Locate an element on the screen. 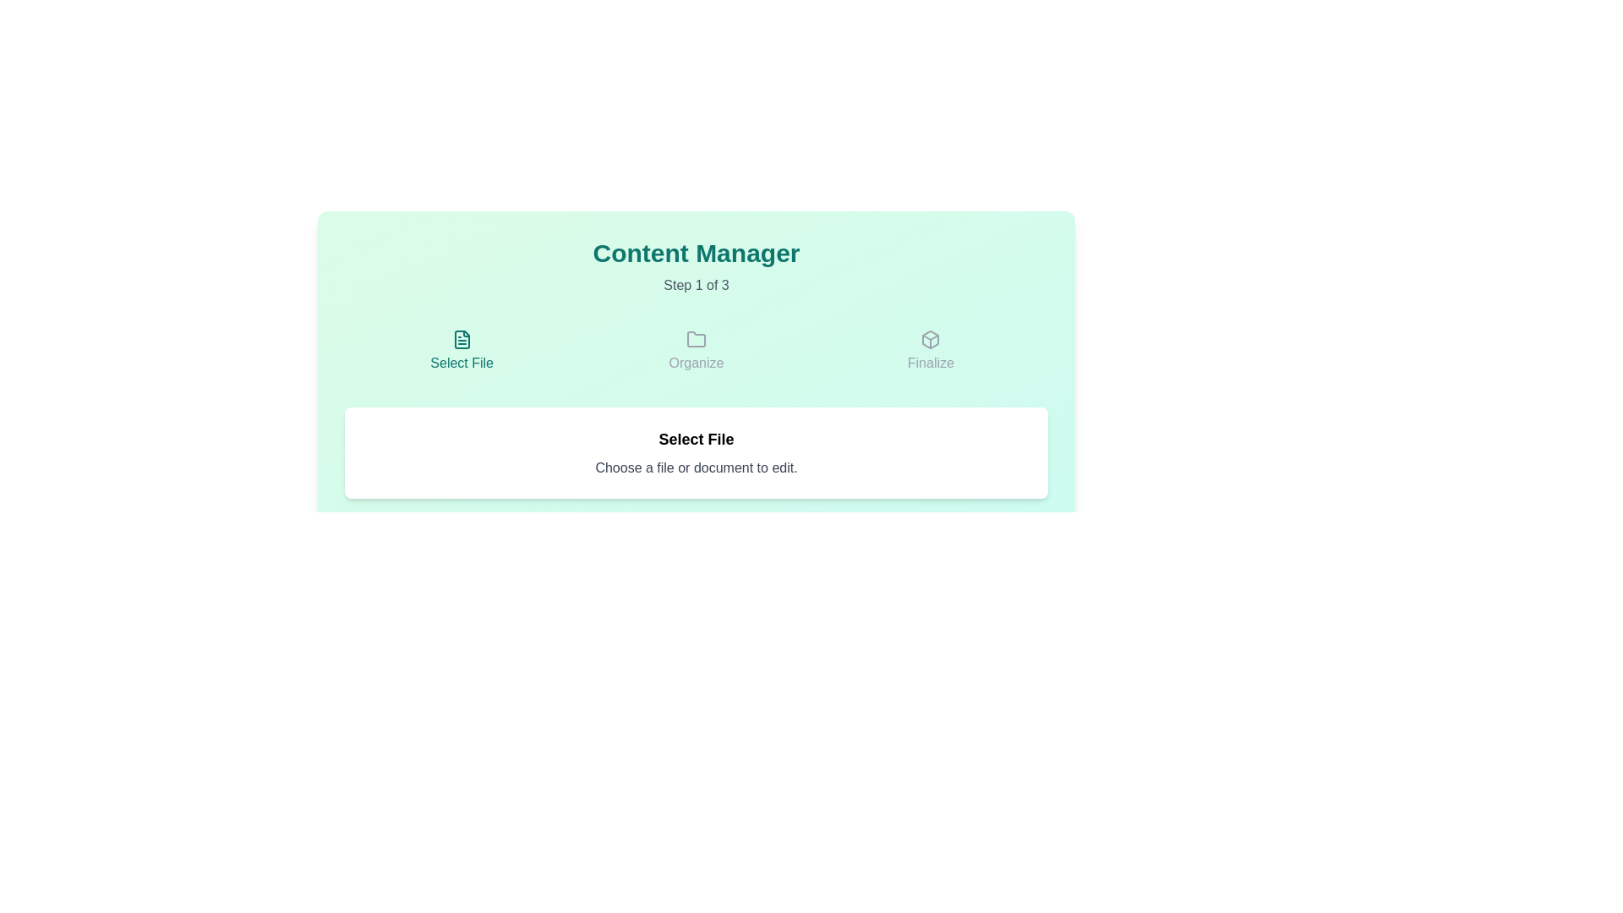  the 'Organize' navigation item in the Navigation Selector Panel, which is centrally located below the title 'Content Manager Step 1 of 3' is located at coordinates (697, 351).